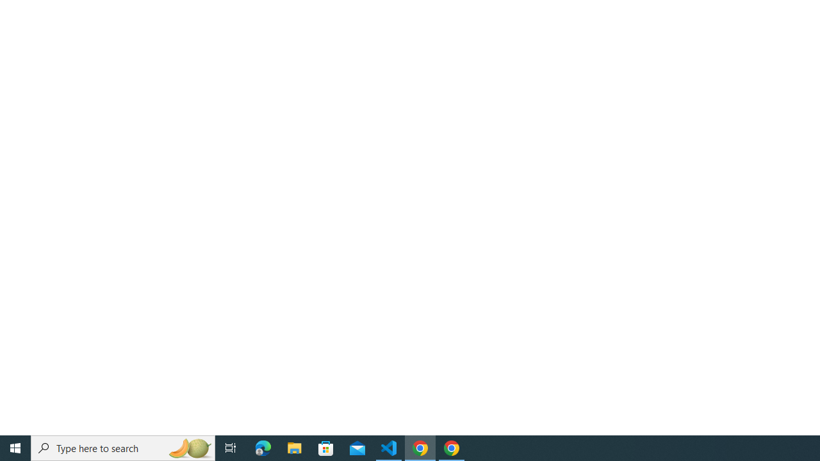  What do you see at coordinates (263, 447) in the screenshot?
I see `'Microsoft Edge'` at bounding box center [263, 447].